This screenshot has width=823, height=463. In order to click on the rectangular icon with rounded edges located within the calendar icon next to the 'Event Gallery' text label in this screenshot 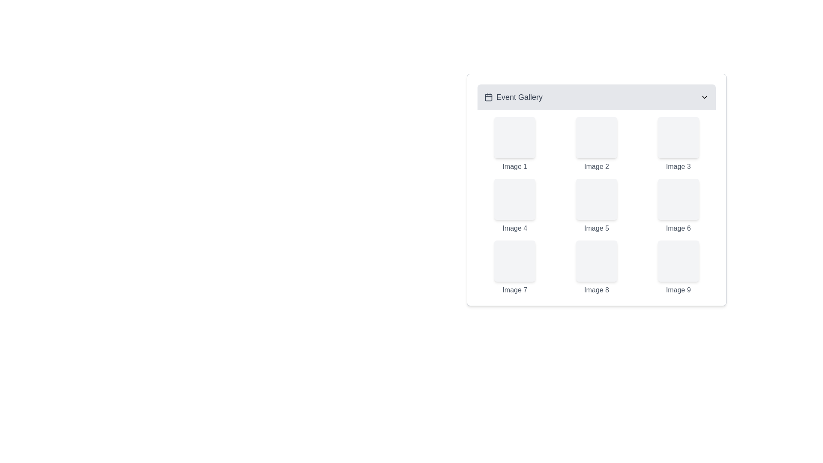, I will do `click(489, 97)`.